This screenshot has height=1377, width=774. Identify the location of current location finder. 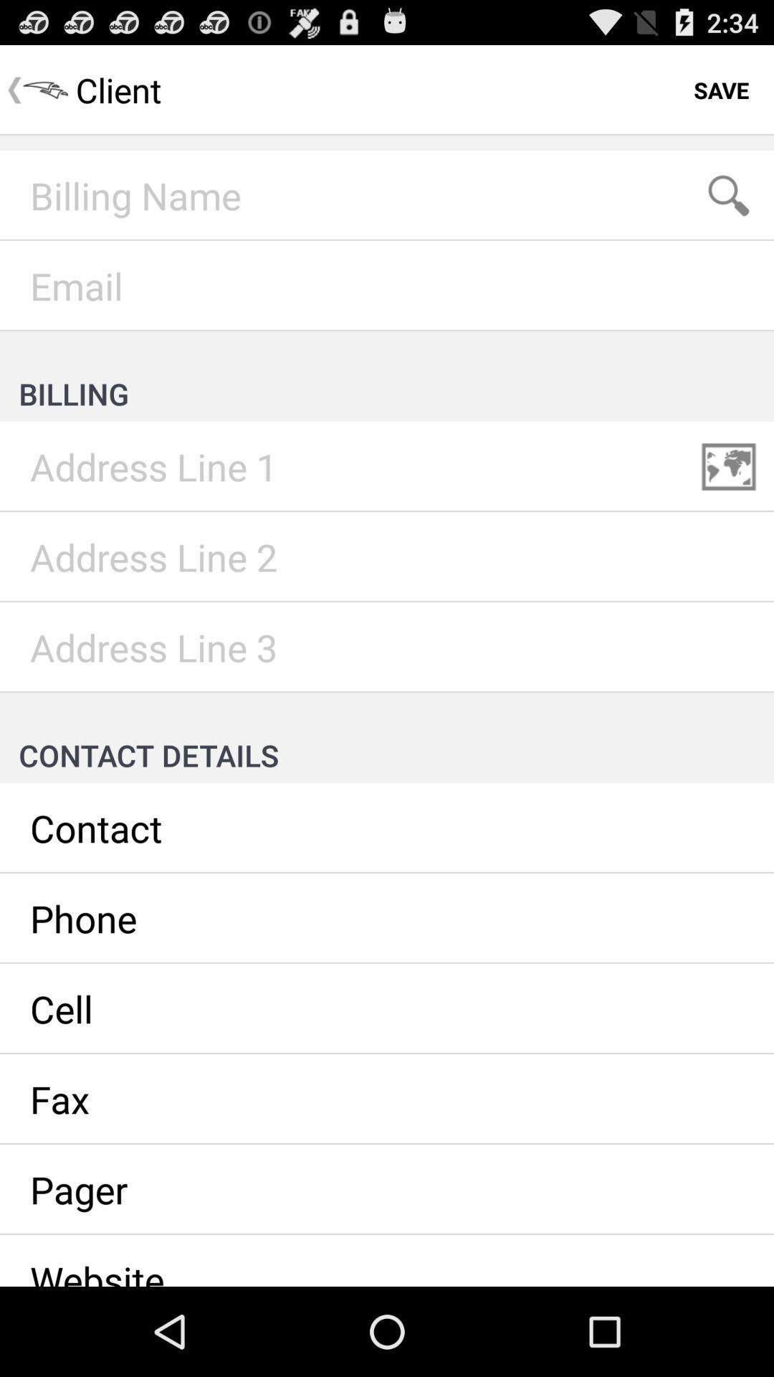
(729, 467).